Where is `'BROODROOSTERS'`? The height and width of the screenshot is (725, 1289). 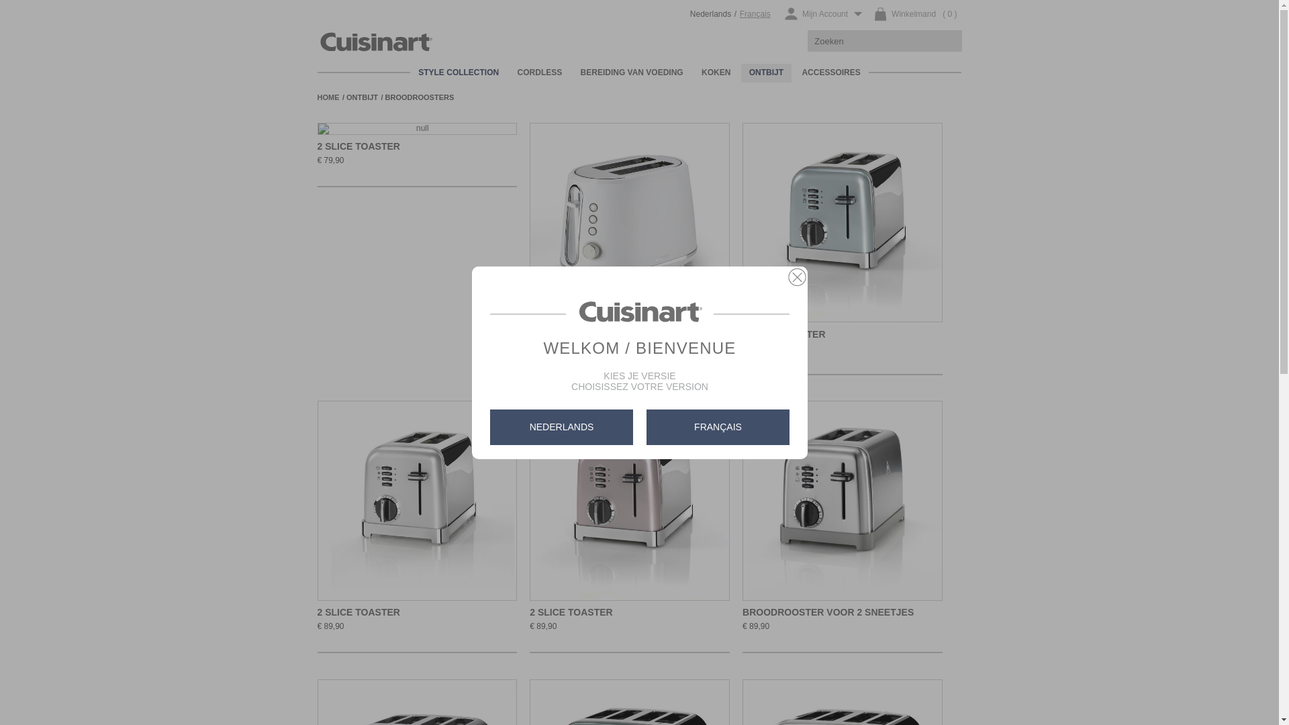
'BROODROOSTERS' is located at coordinates (420, 97).